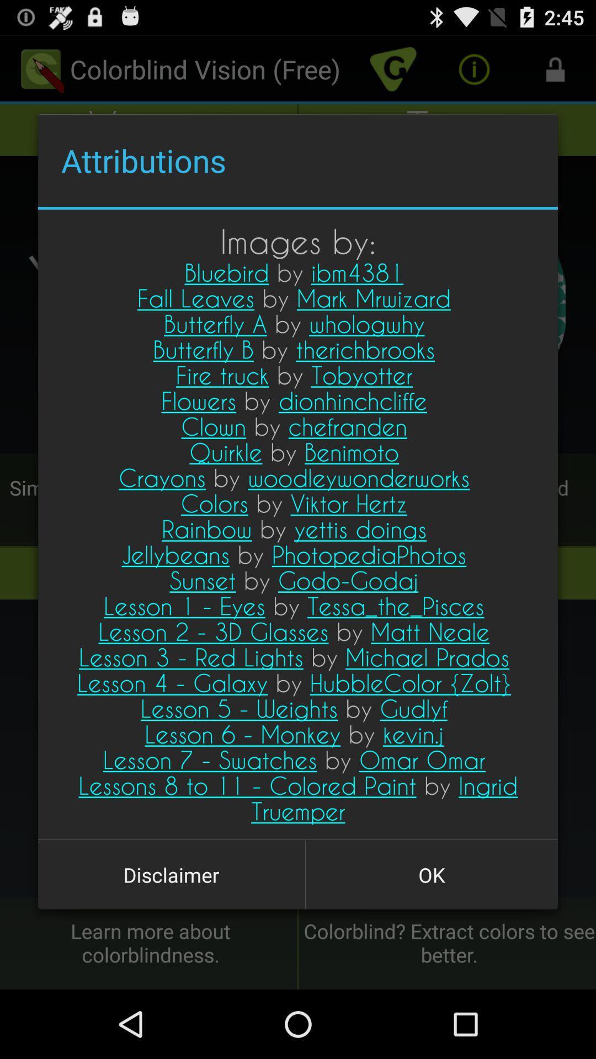  I want to click on disclaimer item, so click(171, 874).